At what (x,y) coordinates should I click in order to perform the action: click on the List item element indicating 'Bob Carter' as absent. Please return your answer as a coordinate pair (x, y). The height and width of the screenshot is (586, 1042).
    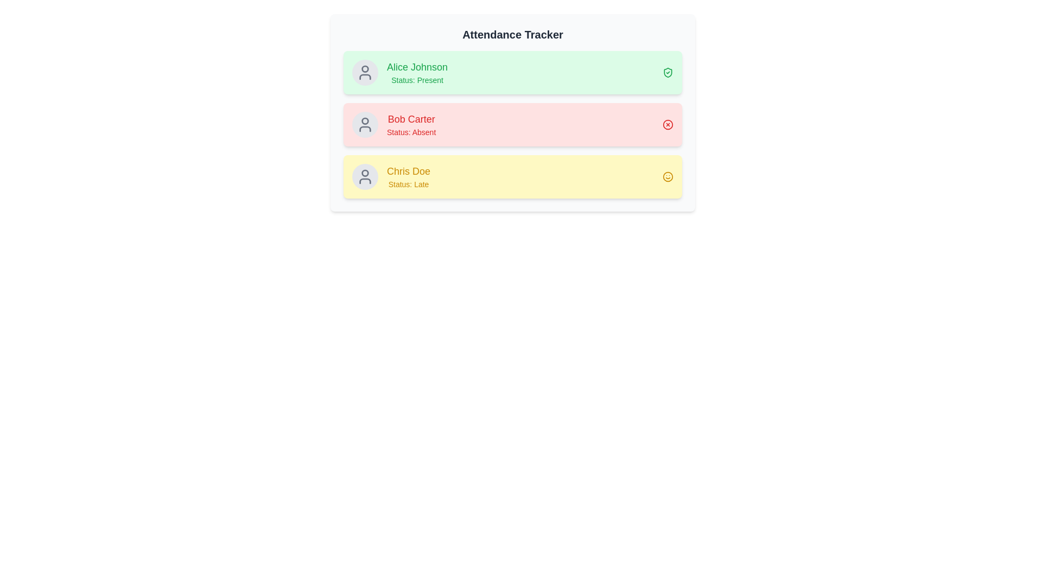
    Looking at the image, I should click on (512, 124).